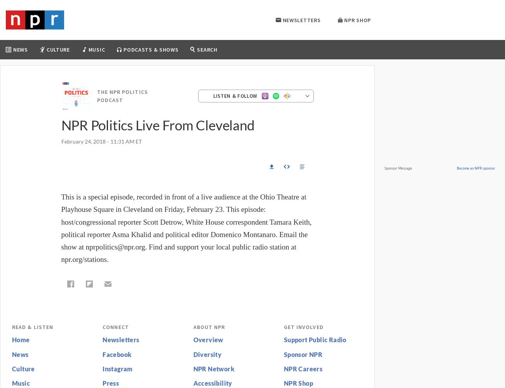 The height and width of the screenshot is (388, 505). What do you see at coordinates (110, 110) in the screenshot?
I see `'Live Sessions'` at bounding box center [110, 110].